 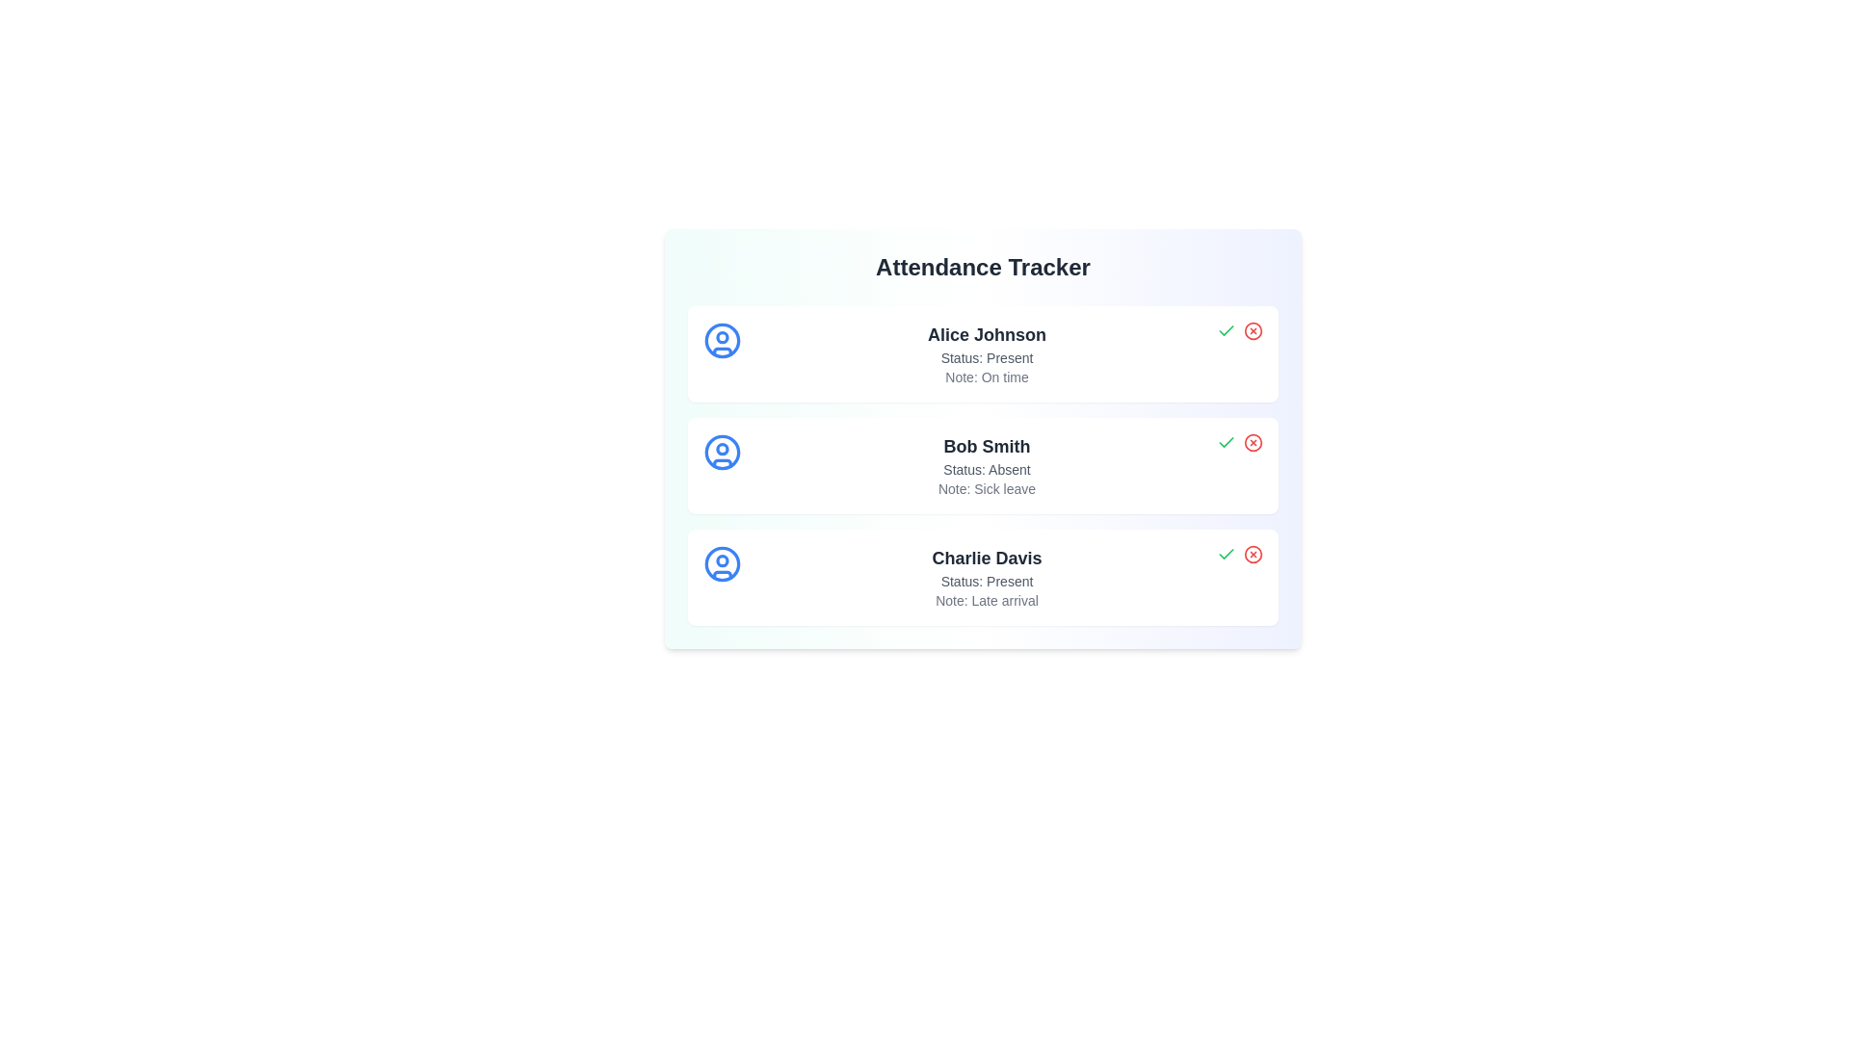 What do you see at coordinates (1253, 329) in the screenshot?
I see `'Mark Absent' button for the user Alice Johnson` at bounding box center [1253, 329].